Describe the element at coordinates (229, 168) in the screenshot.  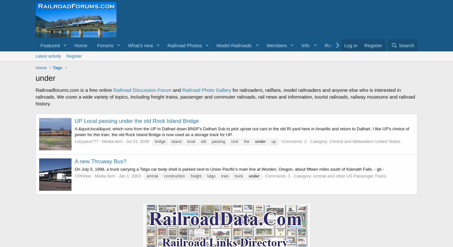
I see `'On July 5, 1998, a truck carrying a Talgo car body shell is parked next to Union Pacific's main line at Worden, Oregon, about fifteen miles south of Klamath Falls. 

- gb -'` at that location.